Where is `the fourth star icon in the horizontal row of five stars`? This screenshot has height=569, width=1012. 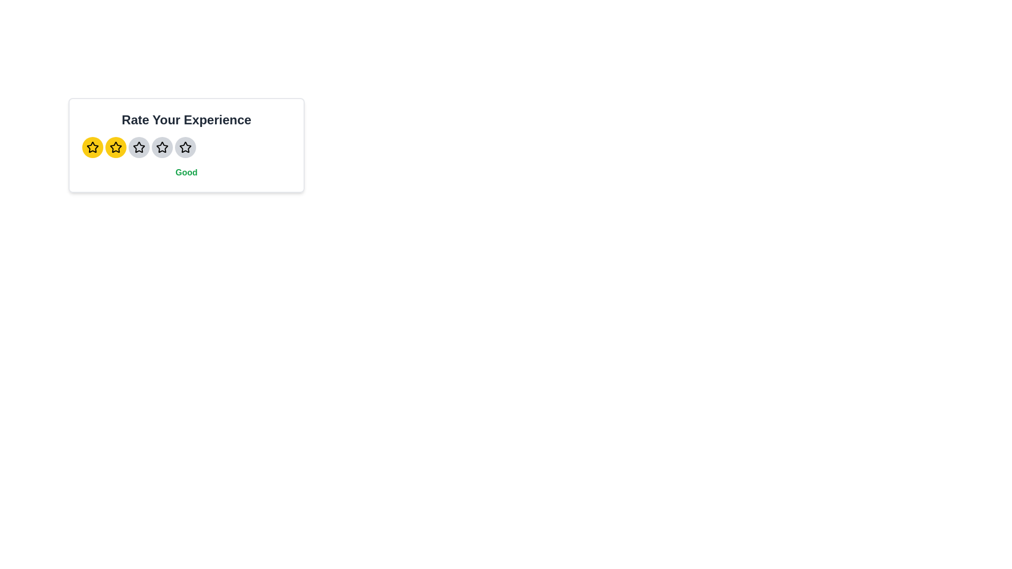 the fourth star icon in the horizontal row of five stars is located at coordinates (161, 148).